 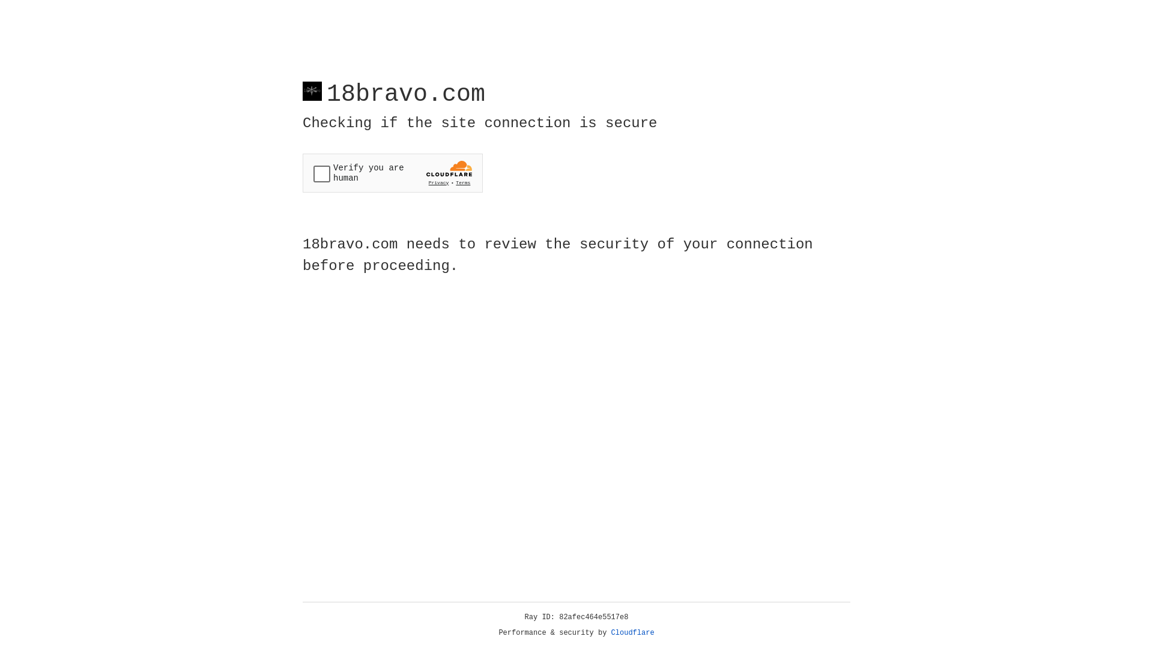 I want to click on 'Widget containing a Cloudflare security challenge', so click(x=392, y=173).